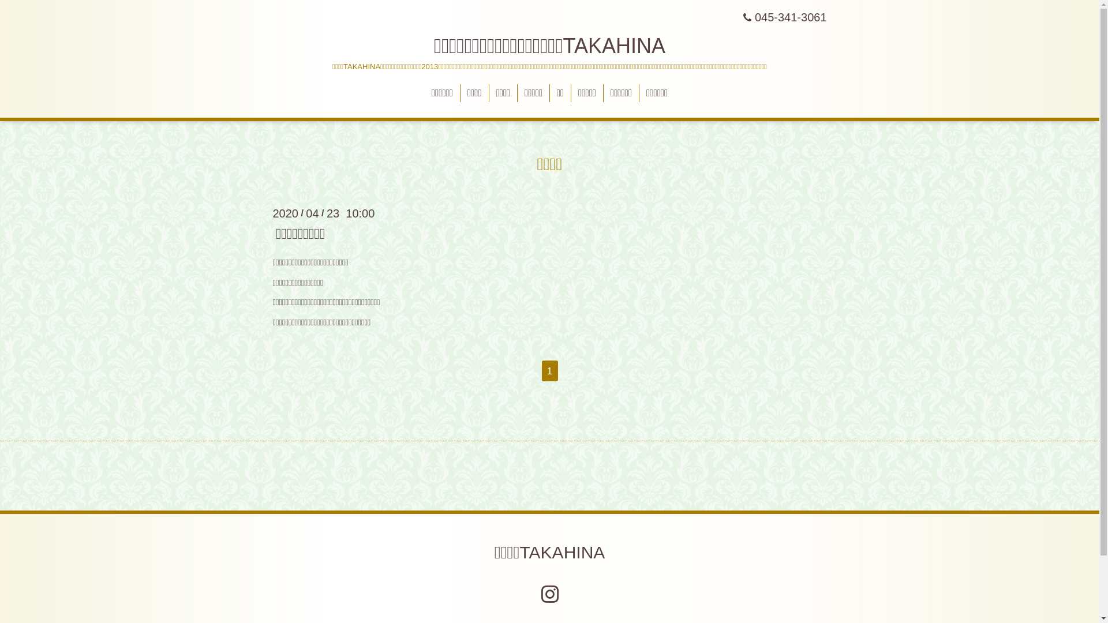  Describe the element at coordinates (540, 371) in the screenshot. I see `'1'` at that location.